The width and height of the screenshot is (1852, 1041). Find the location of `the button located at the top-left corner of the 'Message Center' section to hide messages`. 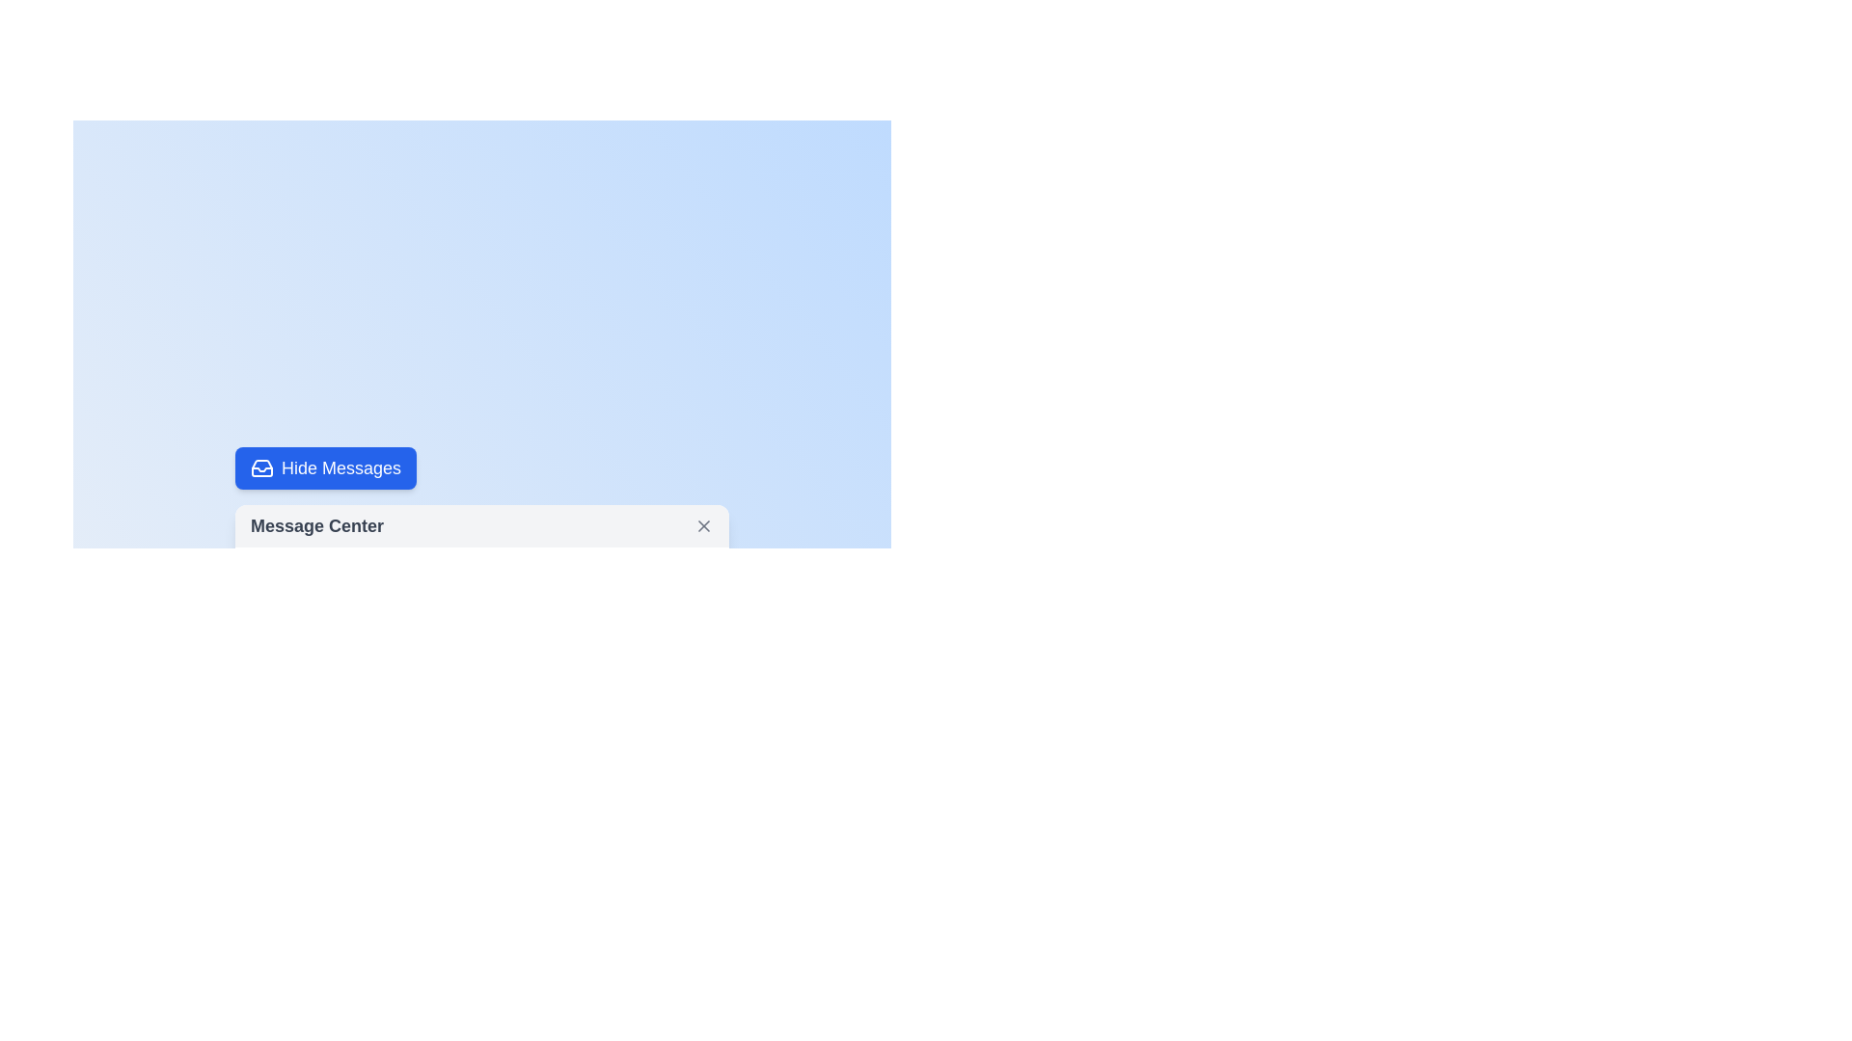

the button located at the top-left corner of the 'Message Center' section to hide messages is located at coordinates (326, 468).